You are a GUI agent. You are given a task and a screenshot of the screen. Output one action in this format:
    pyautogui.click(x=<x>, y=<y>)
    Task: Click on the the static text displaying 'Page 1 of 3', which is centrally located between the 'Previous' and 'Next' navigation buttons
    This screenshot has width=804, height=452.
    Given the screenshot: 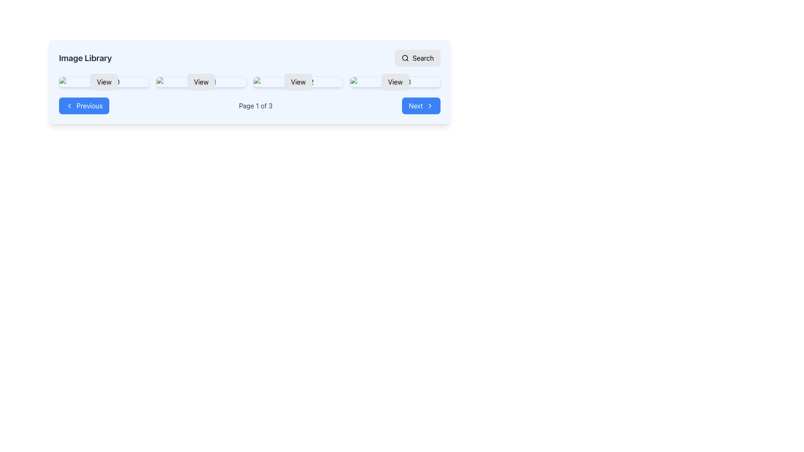 What is the action you would take?
    pyautogui.click(x=255, y=105)
    